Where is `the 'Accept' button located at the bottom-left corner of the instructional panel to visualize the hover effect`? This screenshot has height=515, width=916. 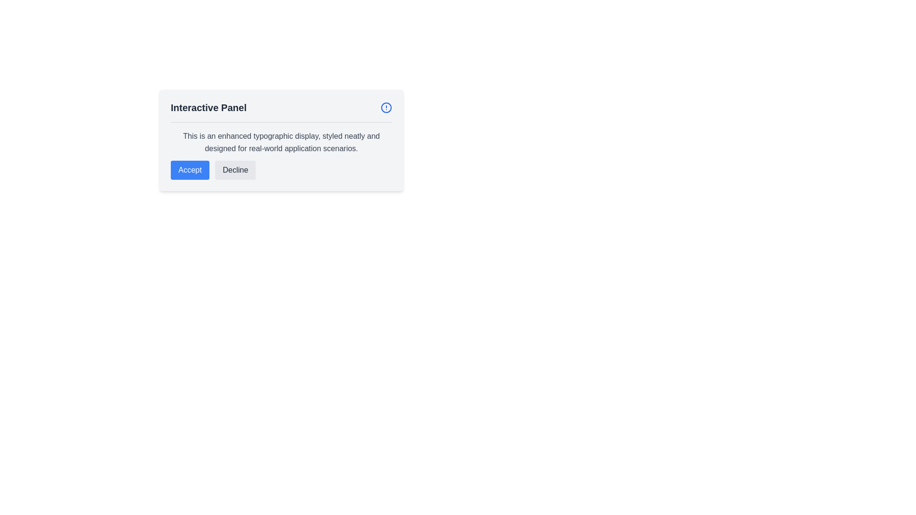 the 'Accept' button located at the bottom-left corner of the instructional panel to visualize the hover effect is located at coordinates (190, 170).